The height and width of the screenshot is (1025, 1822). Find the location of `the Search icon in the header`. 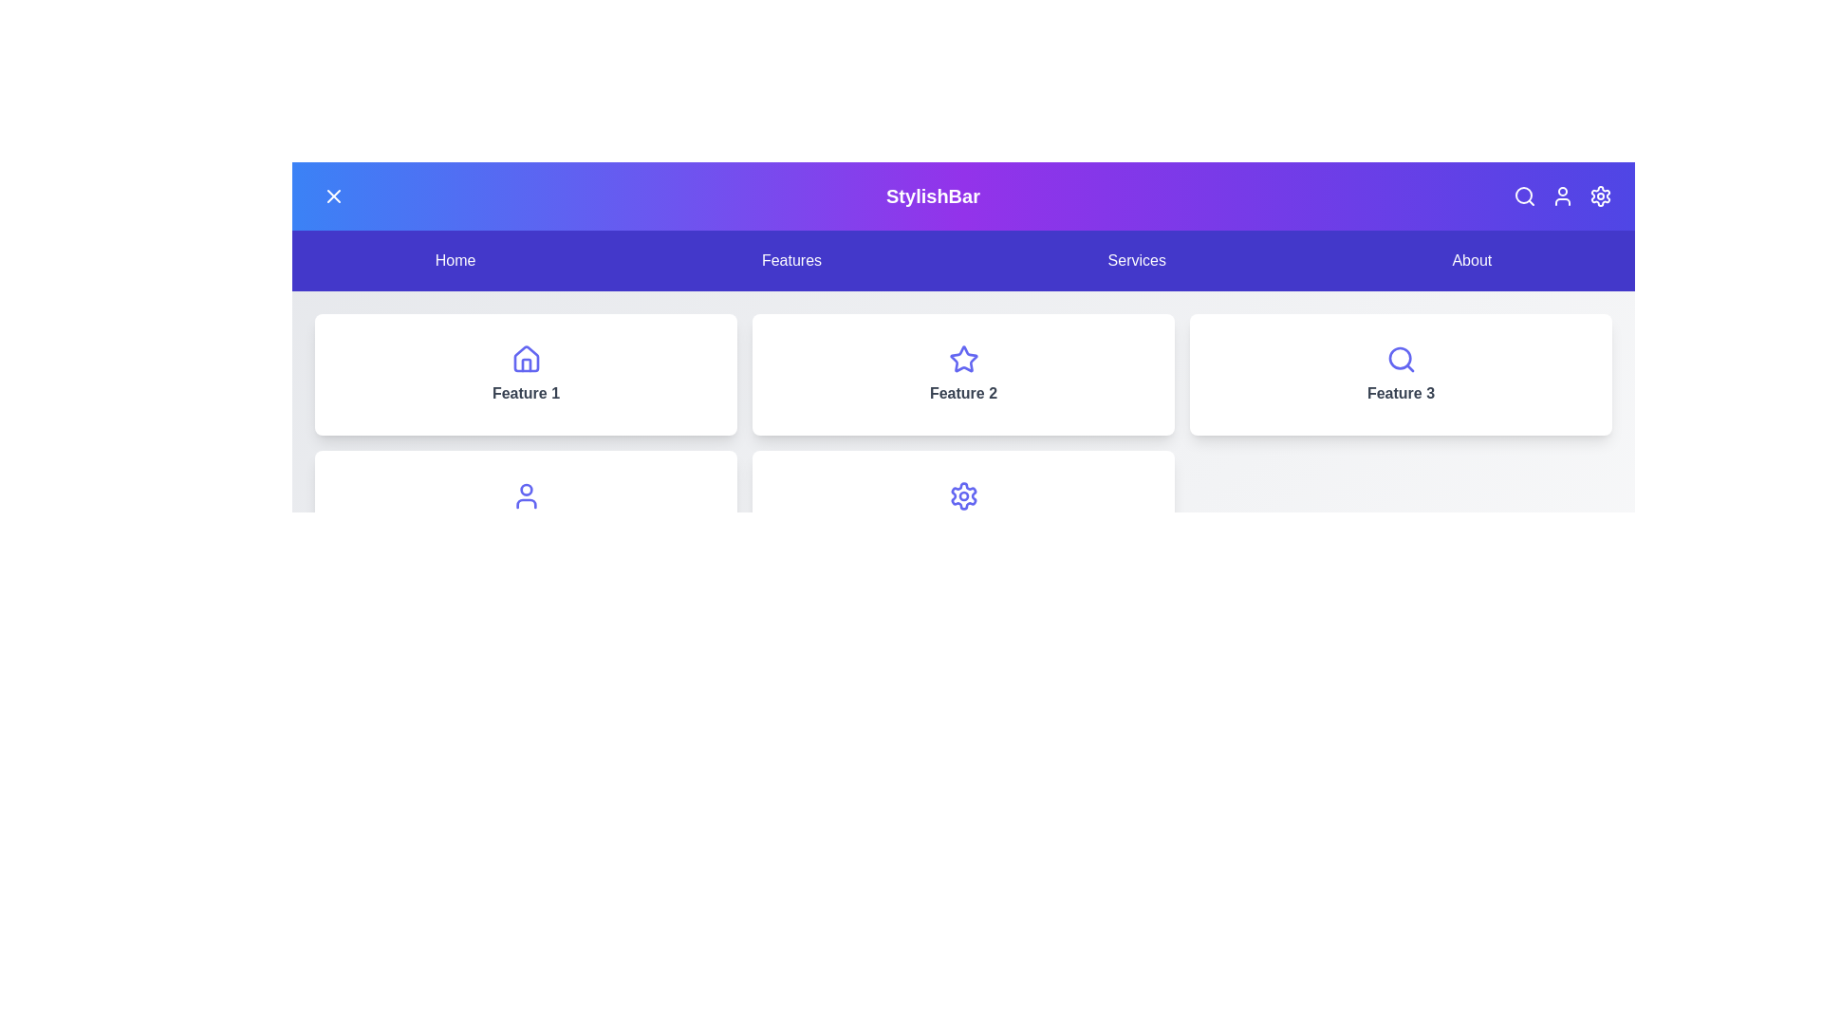

the Search icon in the header is located at coordinates (1525, 196).